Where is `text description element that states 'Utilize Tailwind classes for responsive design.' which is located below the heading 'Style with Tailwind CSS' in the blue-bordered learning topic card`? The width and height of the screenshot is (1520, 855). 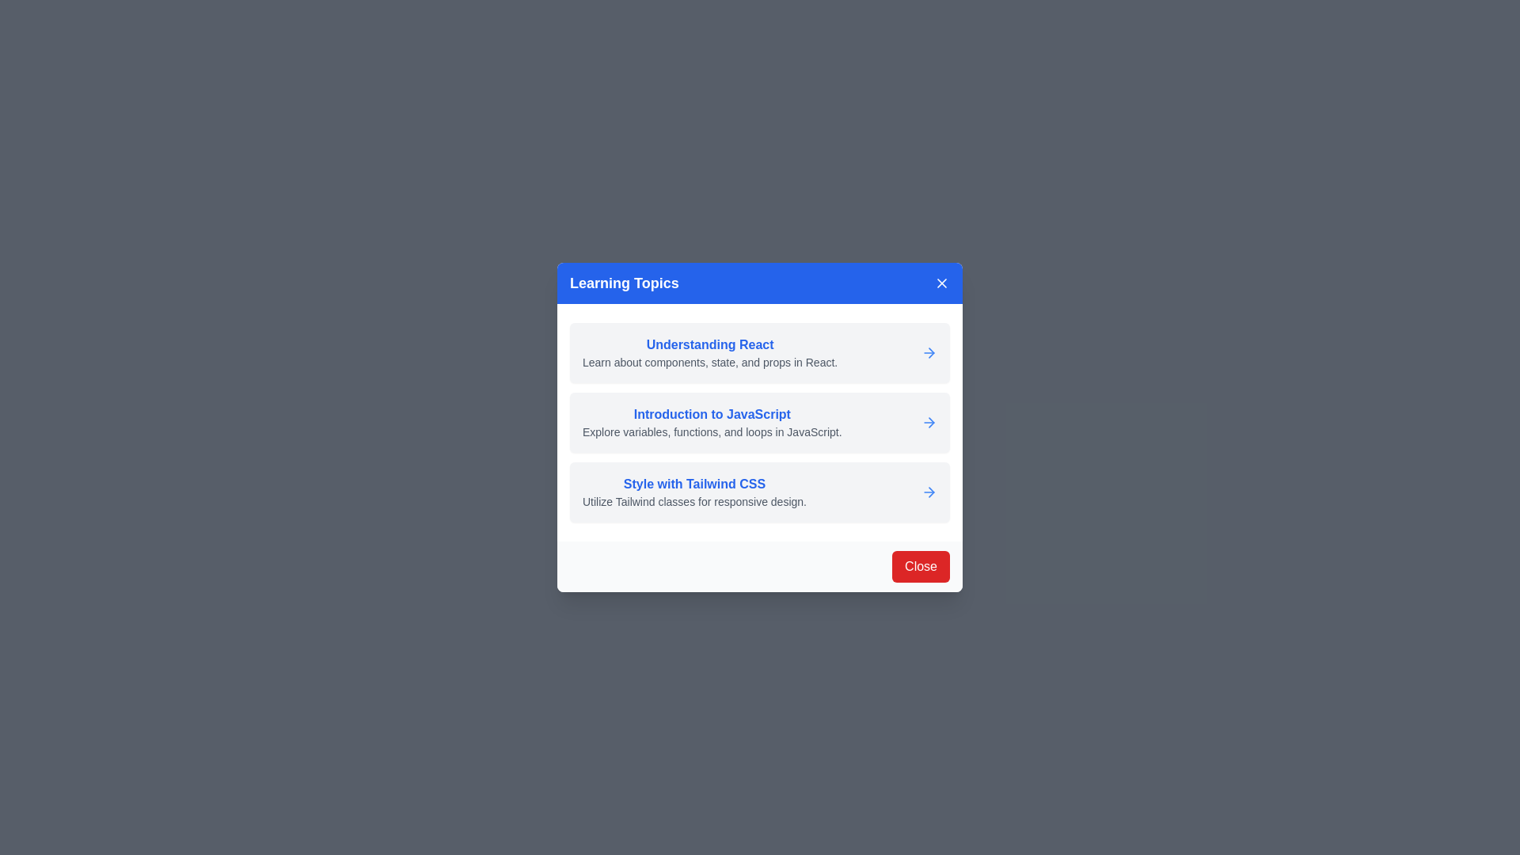 text description element that states 'Utilize Tailwind classes for responsive design.' which is located below the heading 'Style with Tailwind CSS' in the blue-bordered learning topic card is located at coordinates (694, 501).